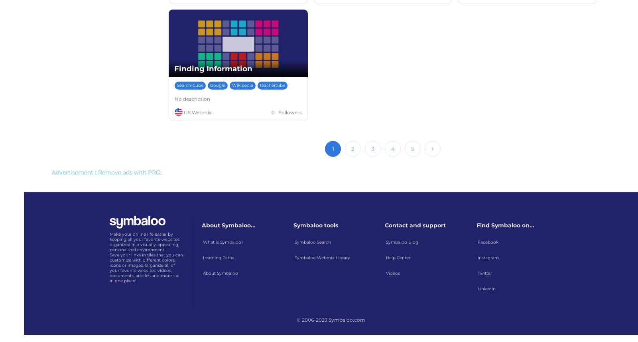  Describe the element at coordinates (372, 149) in the screenshot. I see `'3'` at that location.